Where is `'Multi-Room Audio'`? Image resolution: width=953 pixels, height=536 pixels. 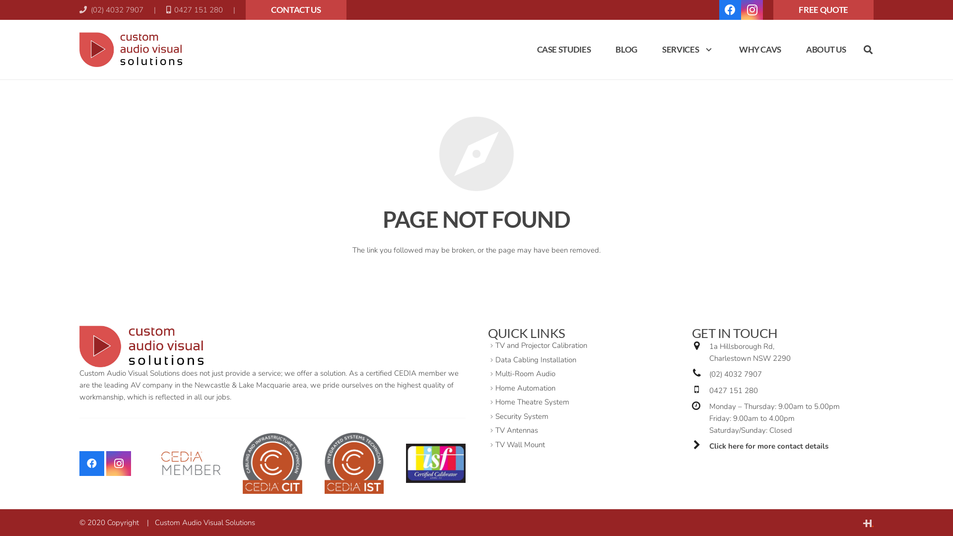
'Multi-Room Audio' is located at coordinates (525, 374).